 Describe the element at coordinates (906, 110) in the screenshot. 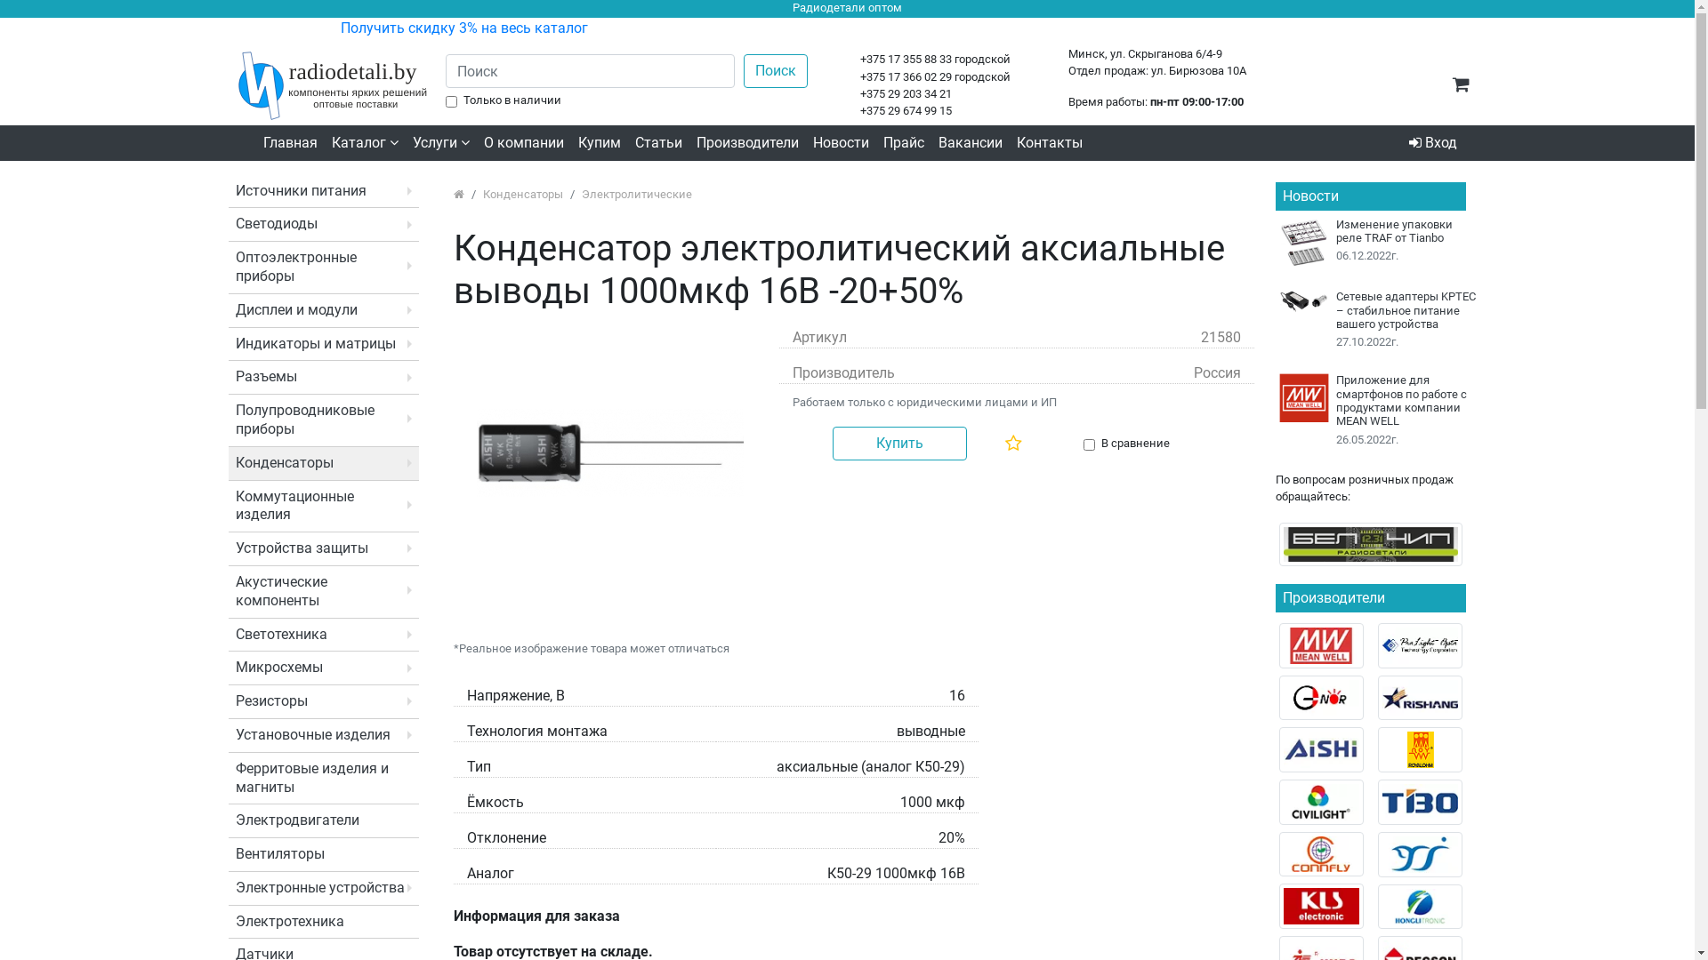

I see `'+375 29 674 99 15'` at that location.